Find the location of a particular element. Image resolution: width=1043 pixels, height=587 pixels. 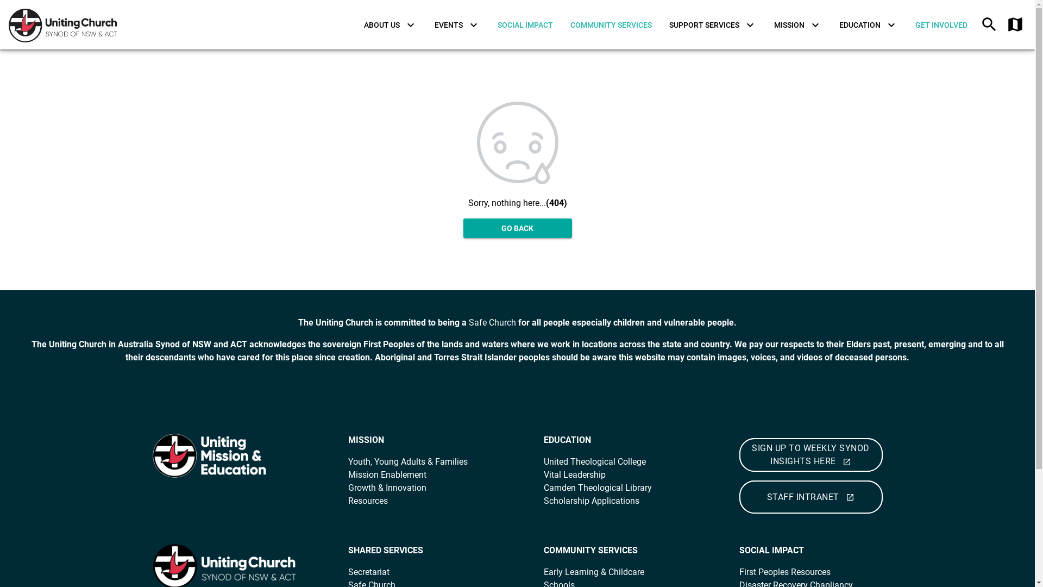

'EVENTS is located at coordinates (457, 24).